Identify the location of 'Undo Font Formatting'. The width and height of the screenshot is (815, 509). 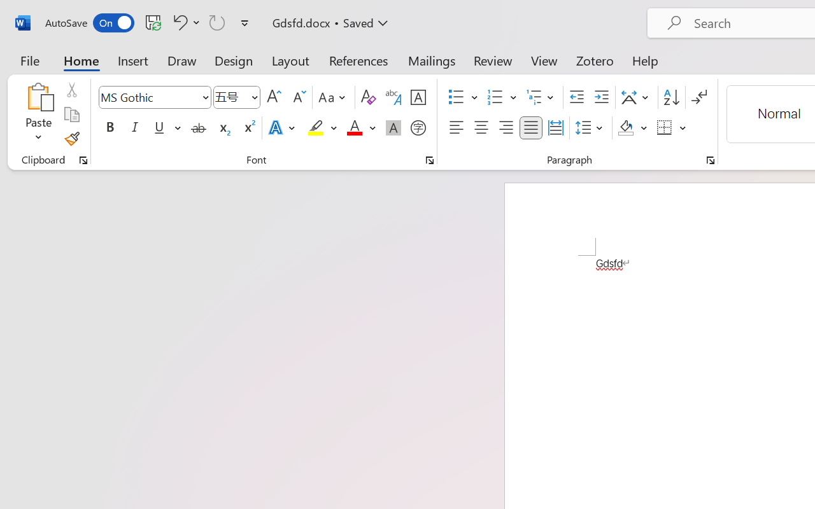
(178, 22).